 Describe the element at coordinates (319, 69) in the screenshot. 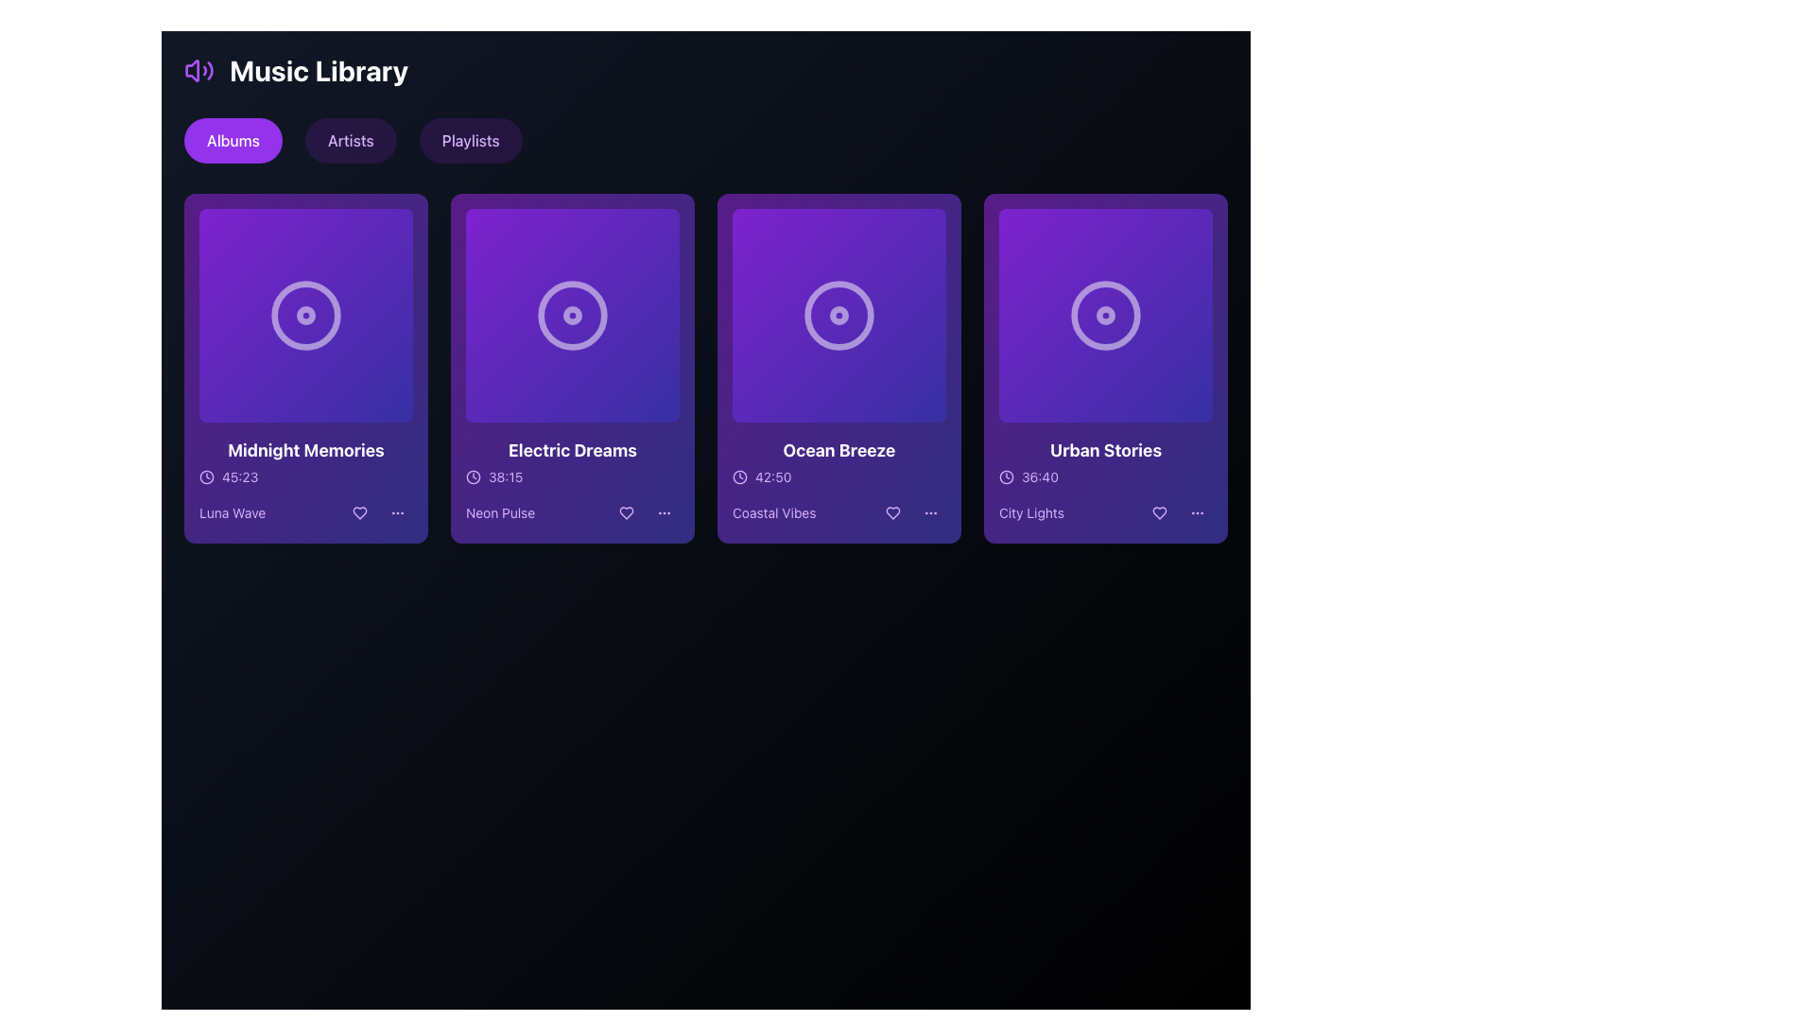

I see `text from the header labeled 'Music Library', which is prominently displayed in bold white font on a dark background` at that location.